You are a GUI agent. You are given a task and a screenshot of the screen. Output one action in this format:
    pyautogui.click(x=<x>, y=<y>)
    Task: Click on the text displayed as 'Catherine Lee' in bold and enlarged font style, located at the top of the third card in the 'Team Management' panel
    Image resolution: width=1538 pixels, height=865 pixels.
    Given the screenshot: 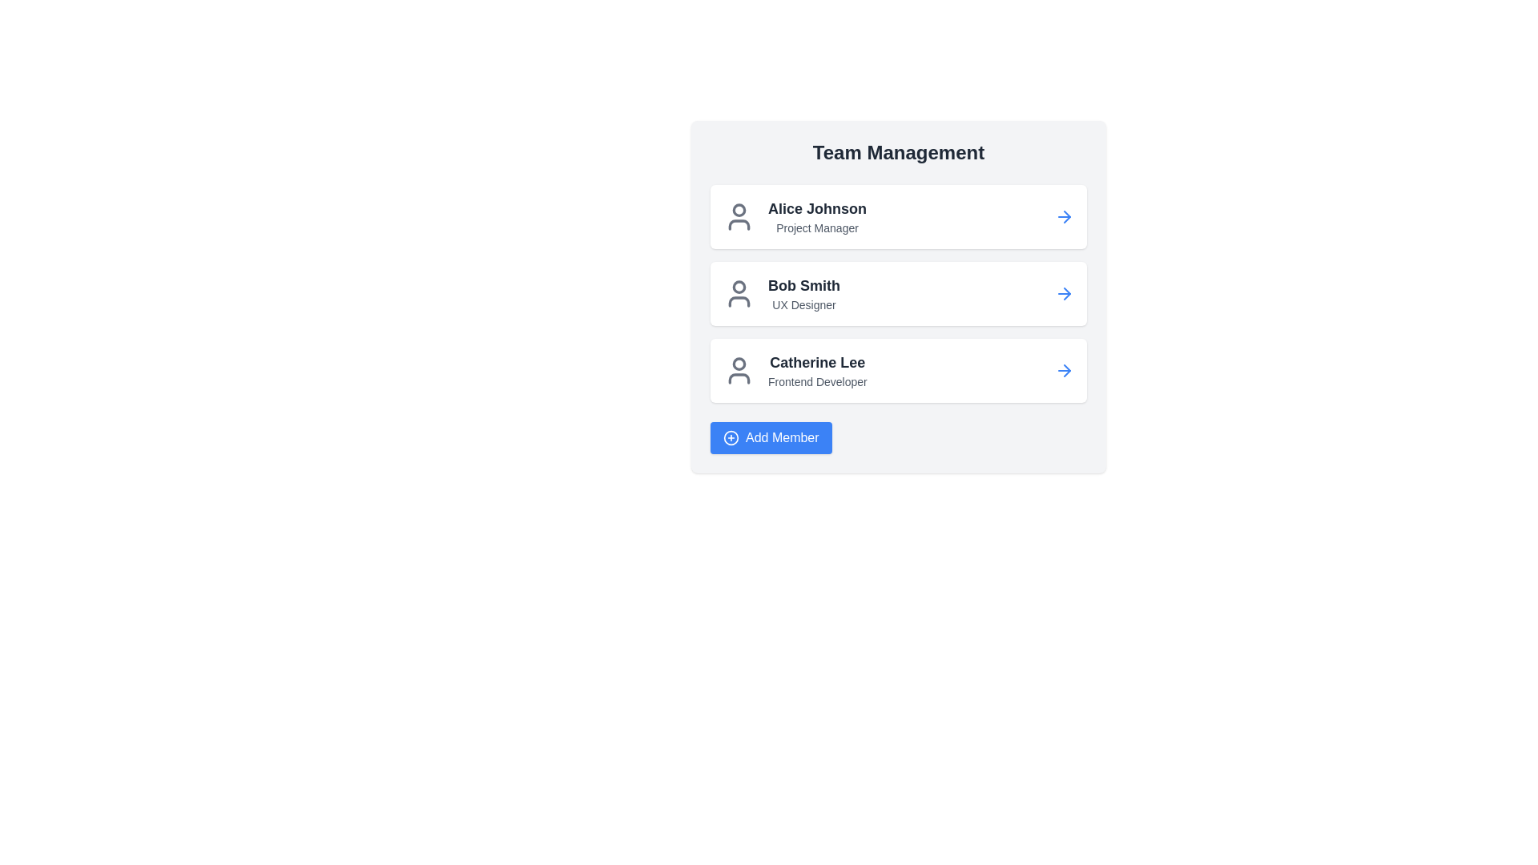 What is the action you would take?
    pyautogui.click(x=817, y=362)
    